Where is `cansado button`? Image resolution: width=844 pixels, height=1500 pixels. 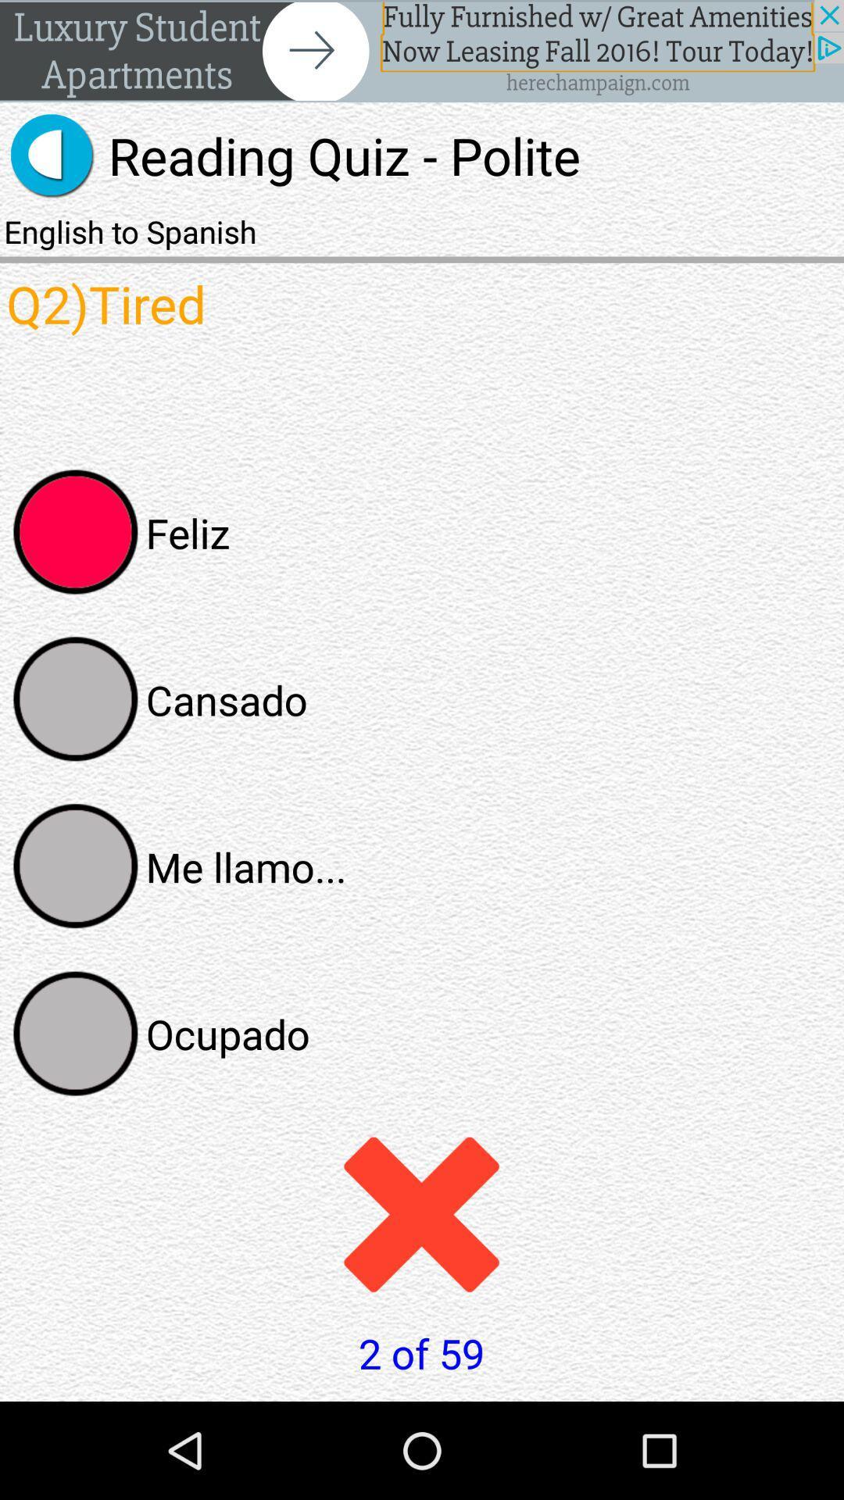
cansado button is located at coordinates (76, 698).